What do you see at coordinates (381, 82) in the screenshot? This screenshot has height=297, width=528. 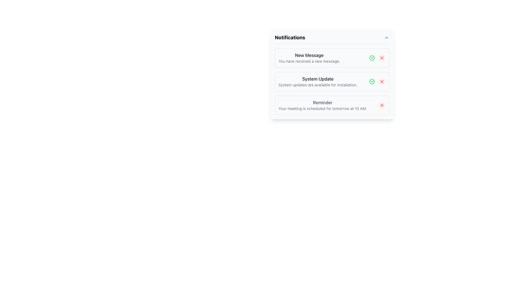 I see `the delete button located at the rightmost corner of the 'System Update' section` at bounding box center [381, 82].